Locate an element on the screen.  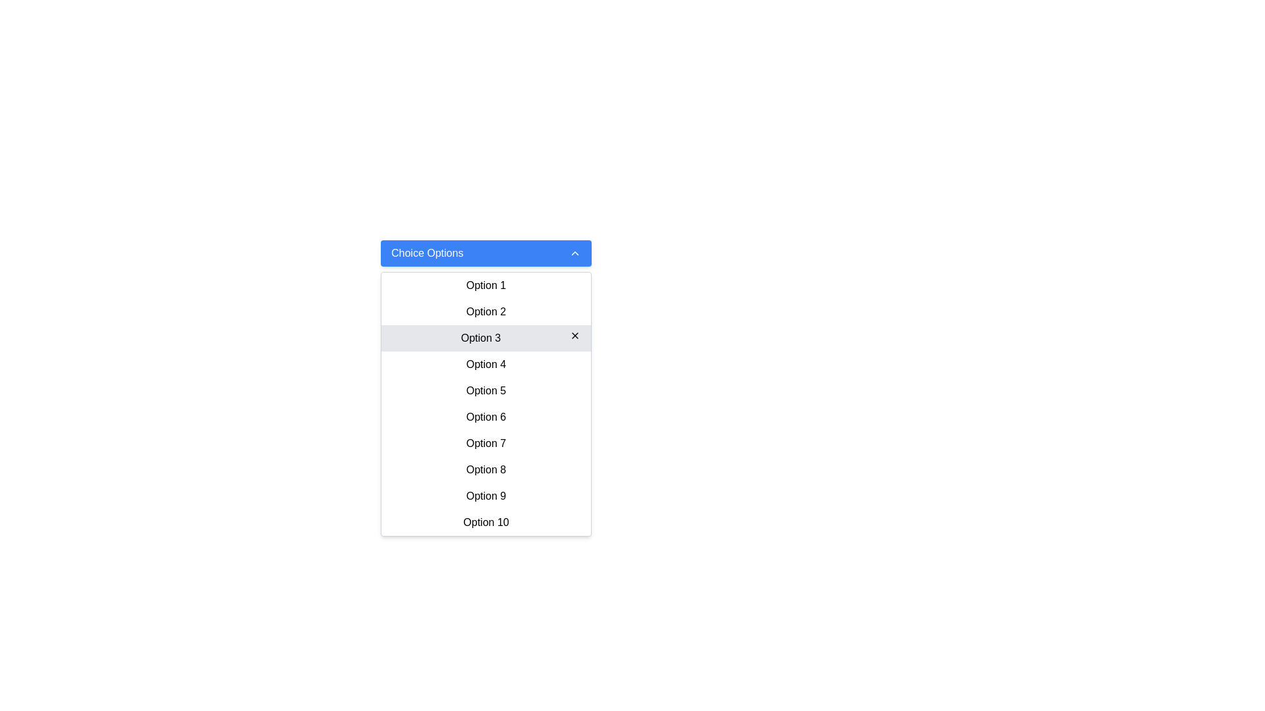
the rectangular button labeled 'Option 10' at the bottom of the dropdown menu is located at coordinates (486, 522).